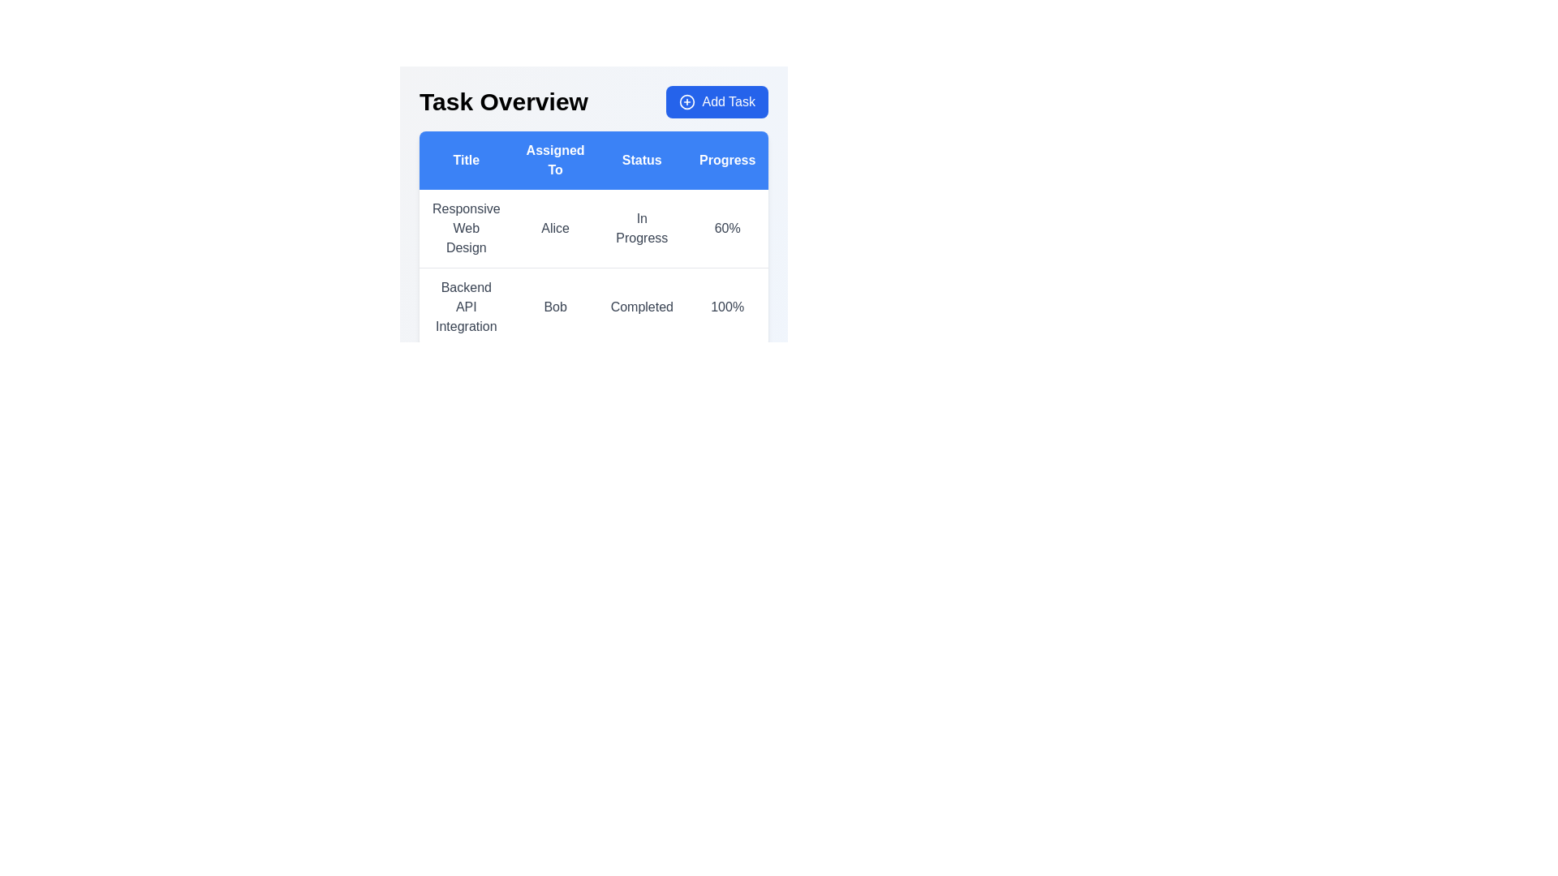  I want to click on the 'Progress' column header in the task overview table, which is the fourth column header among five, located near the top-center of the layout, so click(726, 160).